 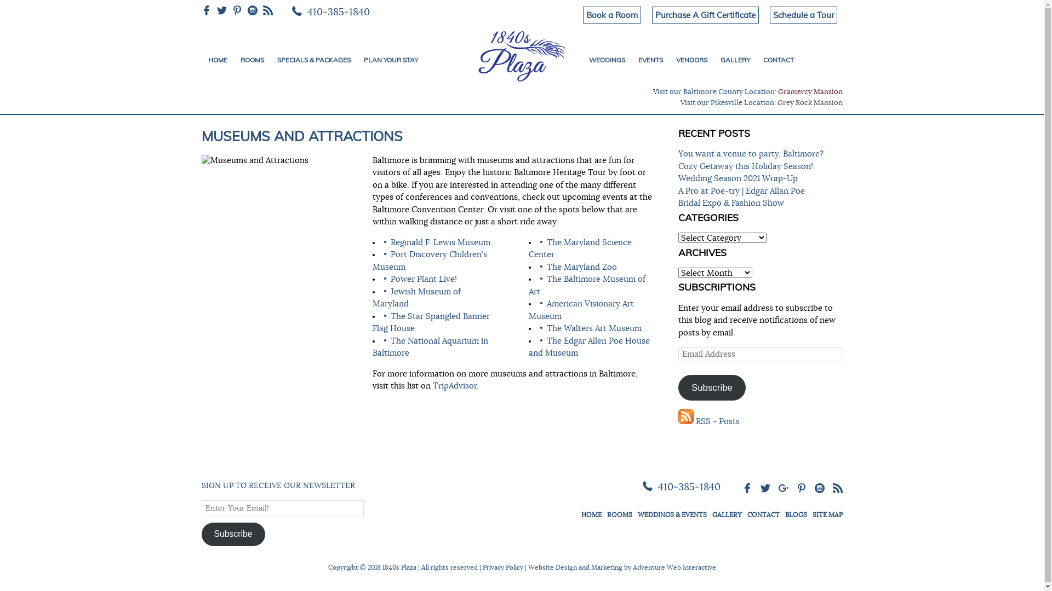 I want to click on 'The Maryland Science Center', so click(x=528, y=249).